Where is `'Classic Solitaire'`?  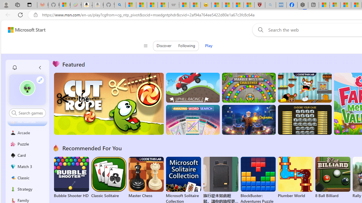 'Classic Solitaire' is located at coordinates (109, 178).